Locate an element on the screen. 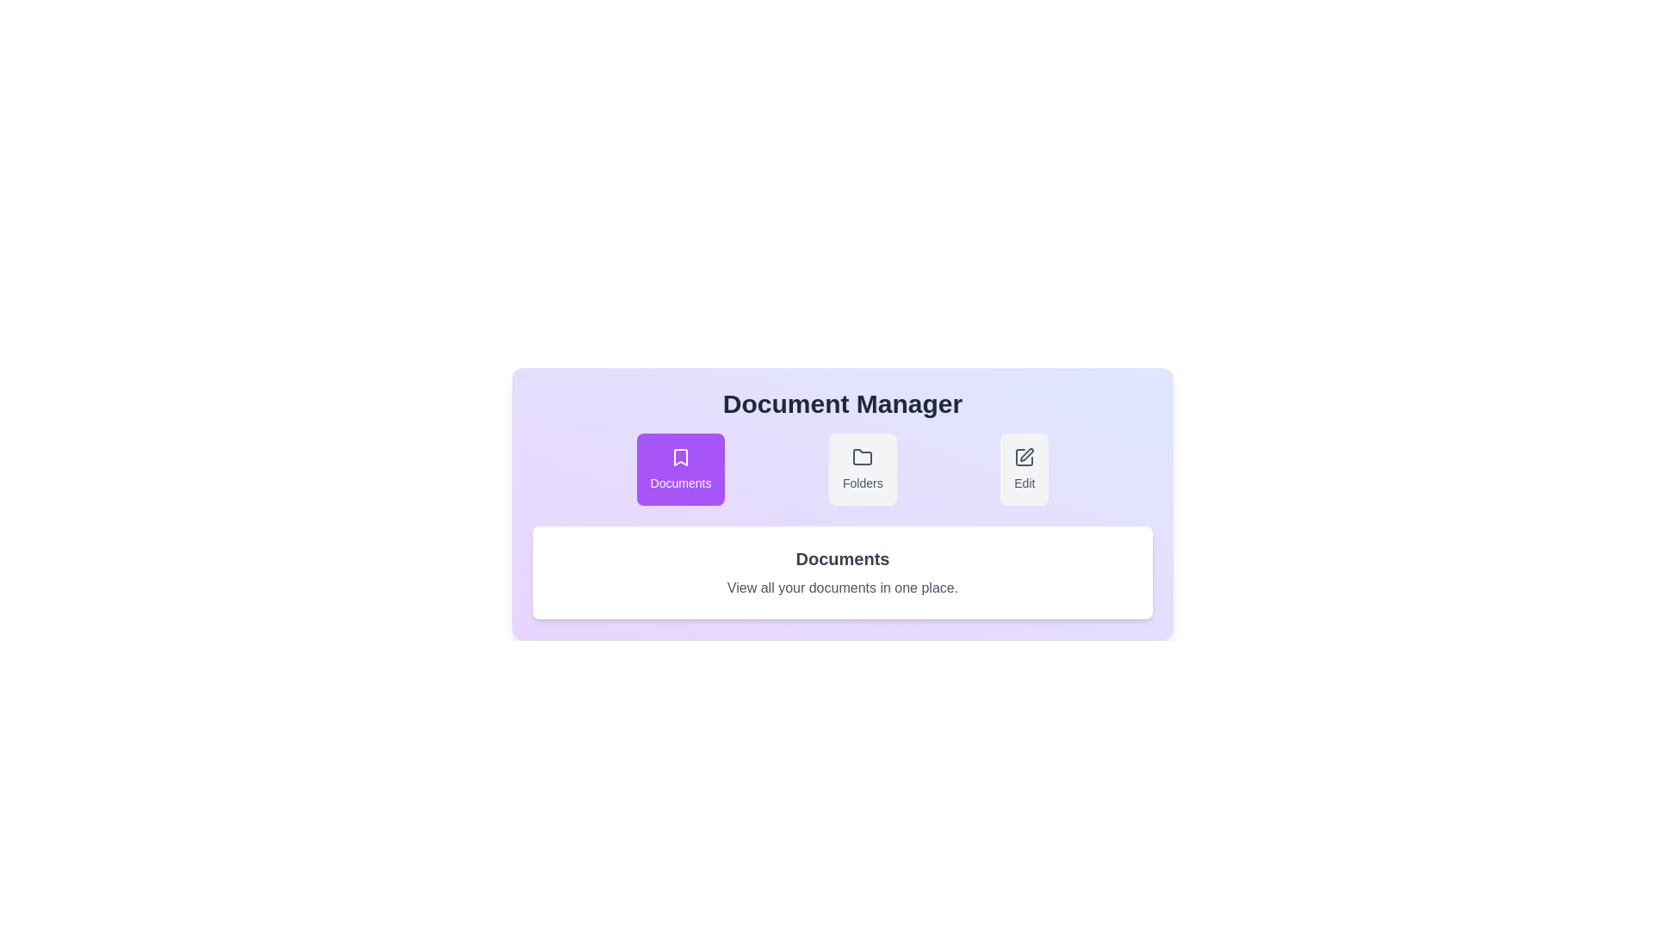  the folder icon, which is the central icon among three icons in the 'Document Manager' card is located at coordinates (863, 456).